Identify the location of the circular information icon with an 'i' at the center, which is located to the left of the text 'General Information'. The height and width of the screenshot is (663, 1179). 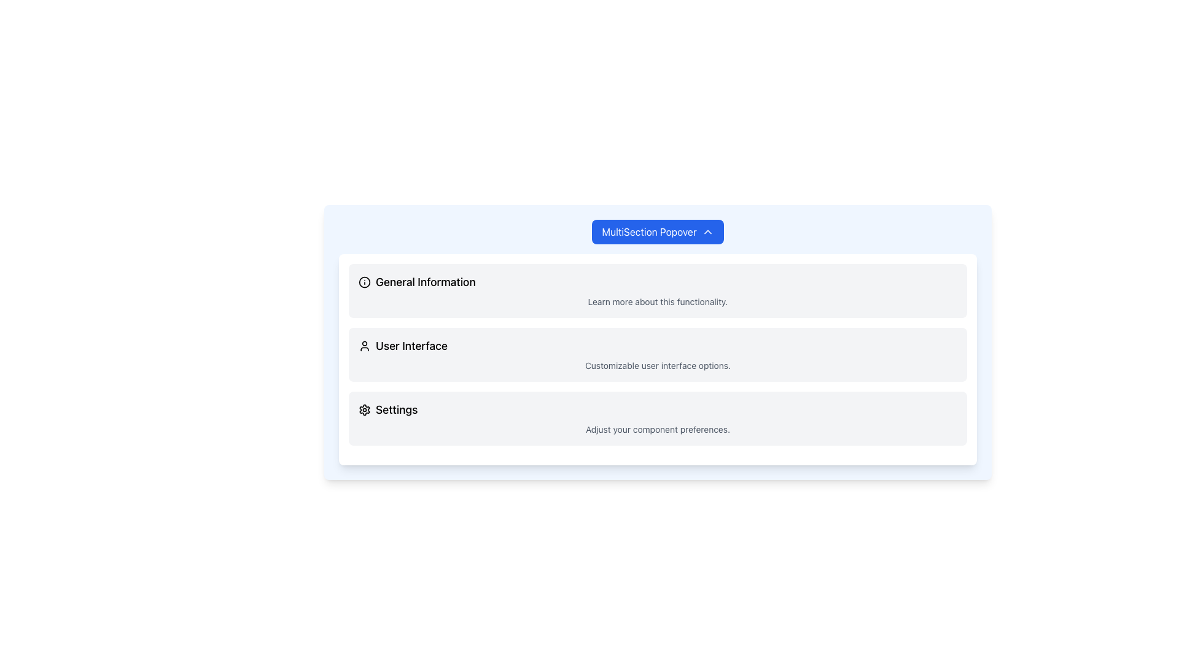
(364, 282).